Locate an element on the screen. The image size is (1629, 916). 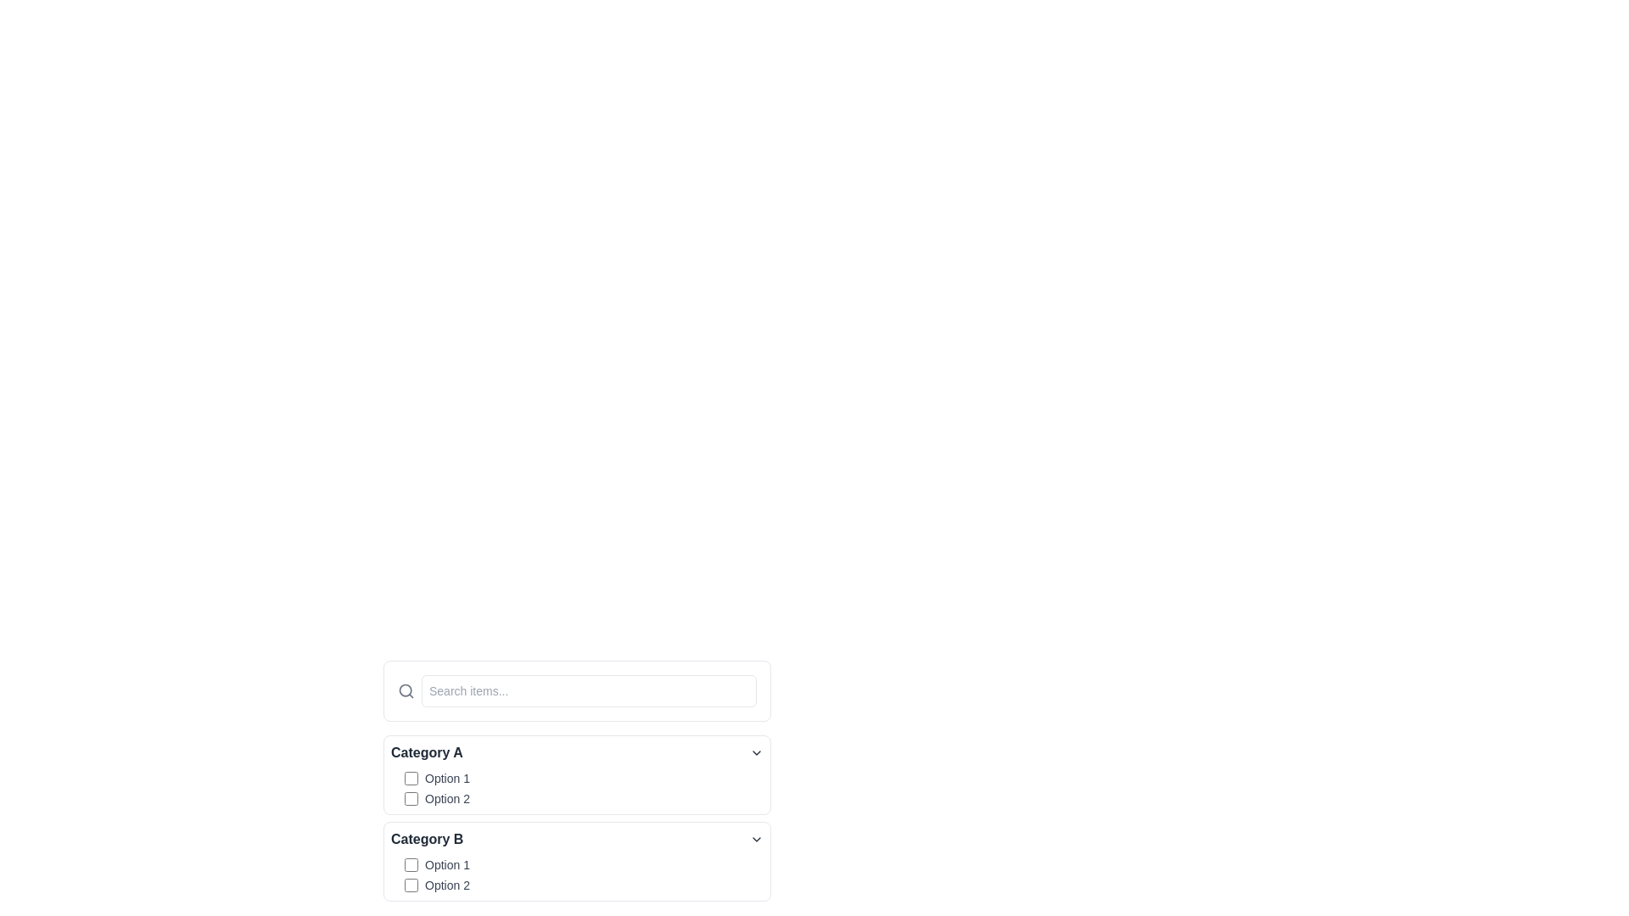
the interactive checkboxes grouped under 'Category A' and 'Category B' for keyboard manipulation is located at coordinates (577, 817).